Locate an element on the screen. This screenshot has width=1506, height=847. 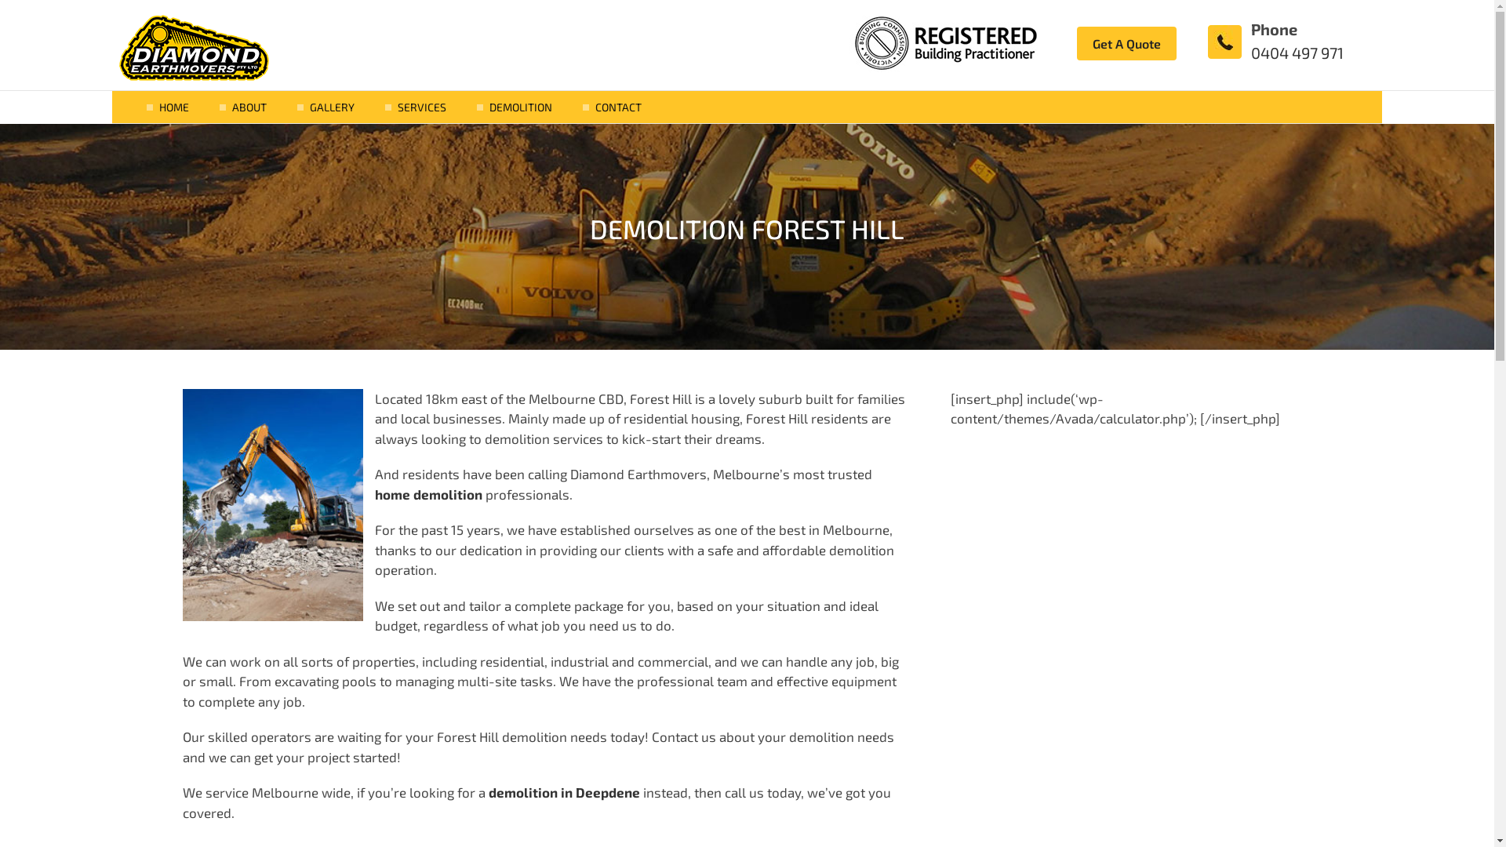
'CONTACT' is located at coordinates (594, 106).